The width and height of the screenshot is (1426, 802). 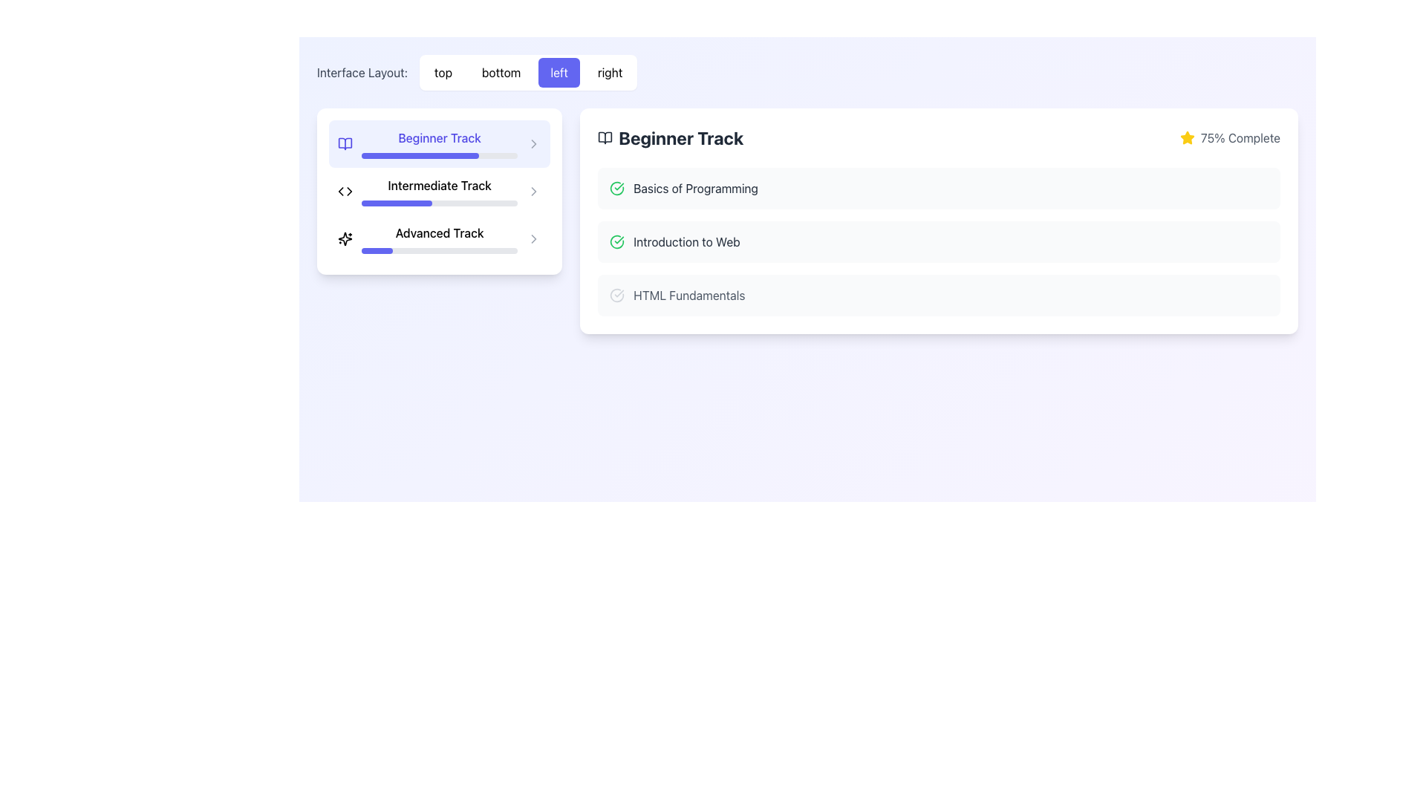 What do you see at coordinates (610, 72) in the screenshot?
I see `the 'right' button, which is the fourth button in a horizontal group of layout options` at bounding box center [610, 72].